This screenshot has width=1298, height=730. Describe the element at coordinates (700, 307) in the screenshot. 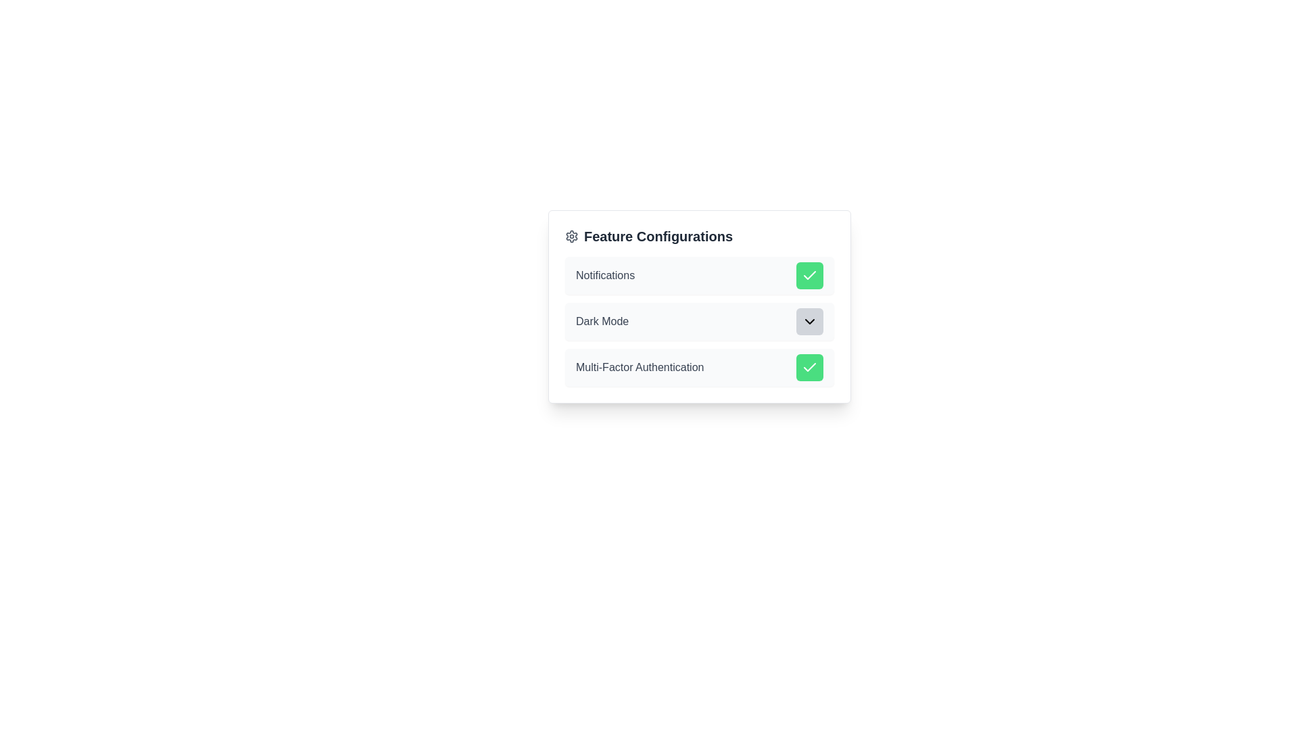

I see `an option from the dropdown menu in the configuration panel, which is the primary card containing various feature settings such as notifications, dark mode, and multi-factor authentication` at that location.